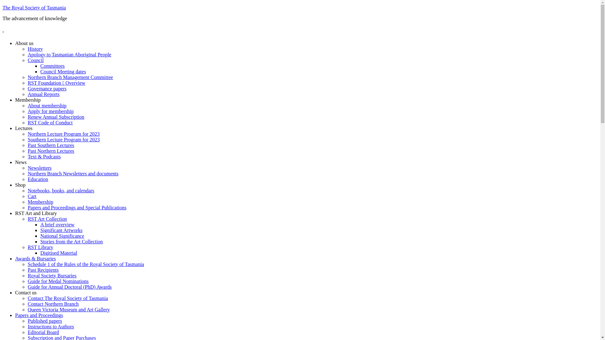  What do you see at coordinates (27, 156) in the screenshot?
I see `'Text & Podcasts'` at bounding box center [27, 156].